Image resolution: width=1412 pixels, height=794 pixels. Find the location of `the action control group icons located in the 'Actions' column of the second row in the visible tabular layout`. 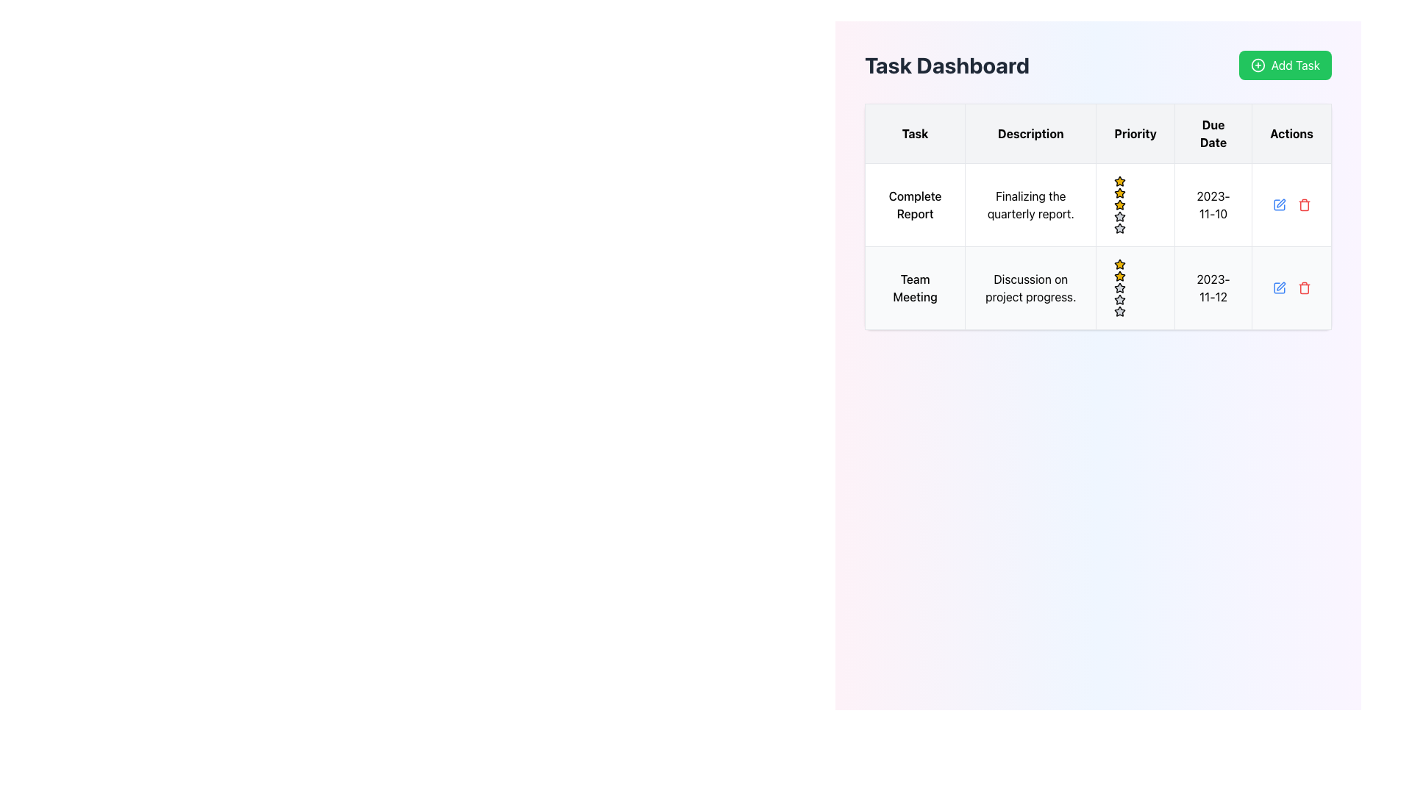

the action control group icons located in the 'Actions' column of the second row in the visible tabular layout is located at coordinates (1291, 288).